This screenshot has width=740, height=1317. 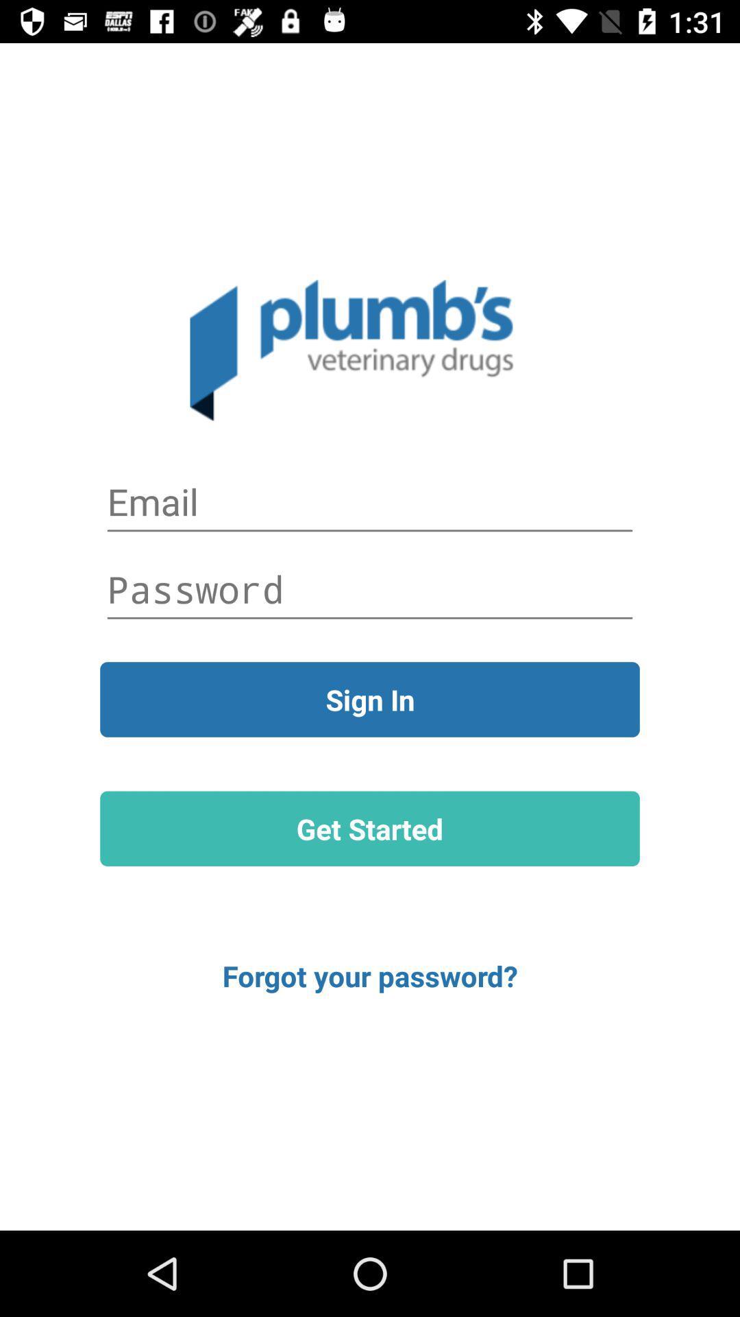 What do you see at coordinates (370, 828) in the screenshot?
I see `the get started icon` at bounding box center [370, 828].